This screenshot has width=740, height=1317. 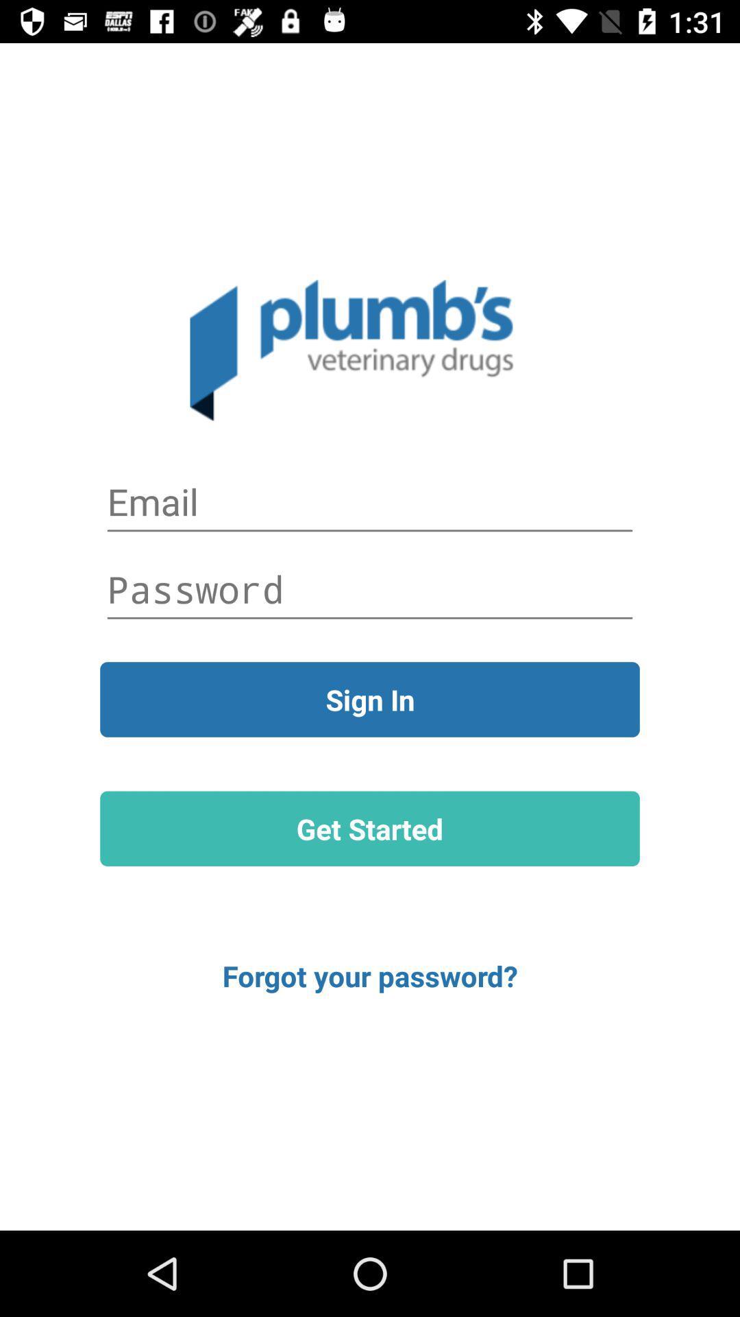 What do you see at coordinates (370, 828) in the screenshot?
I see `the get started icon` at bounding box center [370, 828].